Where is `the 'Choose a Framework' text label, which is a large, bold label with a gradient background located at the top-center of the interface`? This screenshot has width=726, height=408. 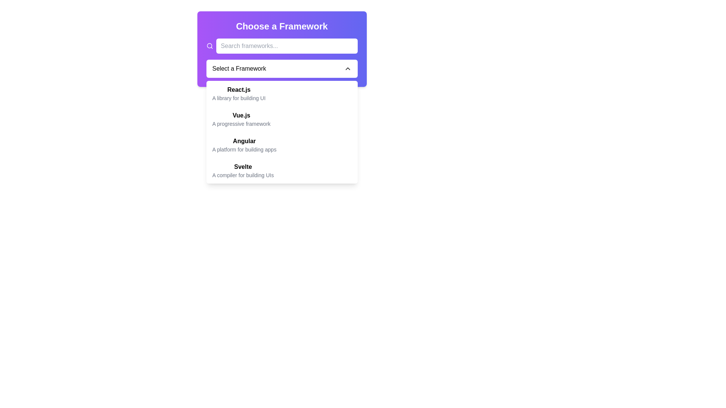 the 'Choose a Framework' text label, which is a large, bold label with a gradient background located at the top-center of the interface is located at coordinates (281, 26).